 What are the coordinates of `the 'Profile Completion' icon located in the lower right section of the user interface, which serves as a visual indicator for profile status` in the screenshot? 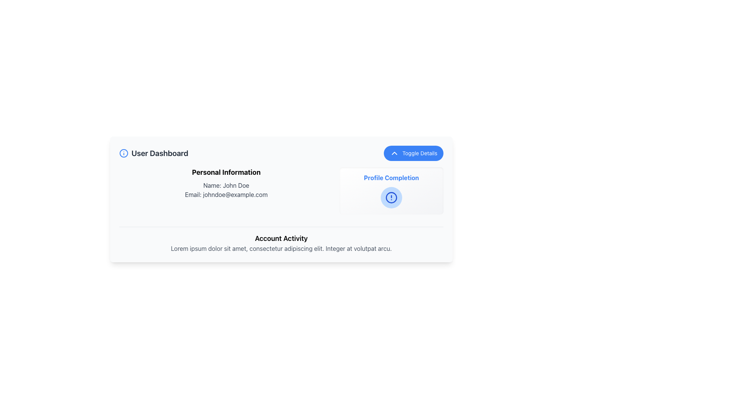 It's located at (391, 197).